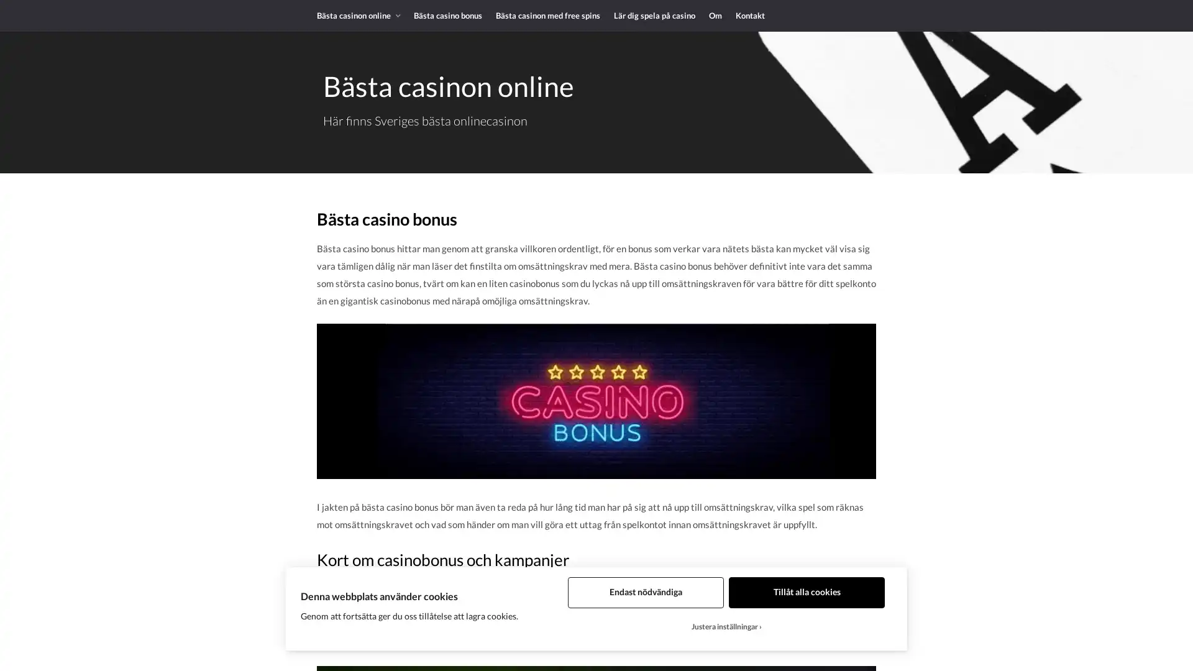 This screenshot has height=671, width=1193. Describe the element at coordinates (807, 591) in the screenshot. I see `Tillat alla cookies` at that location.